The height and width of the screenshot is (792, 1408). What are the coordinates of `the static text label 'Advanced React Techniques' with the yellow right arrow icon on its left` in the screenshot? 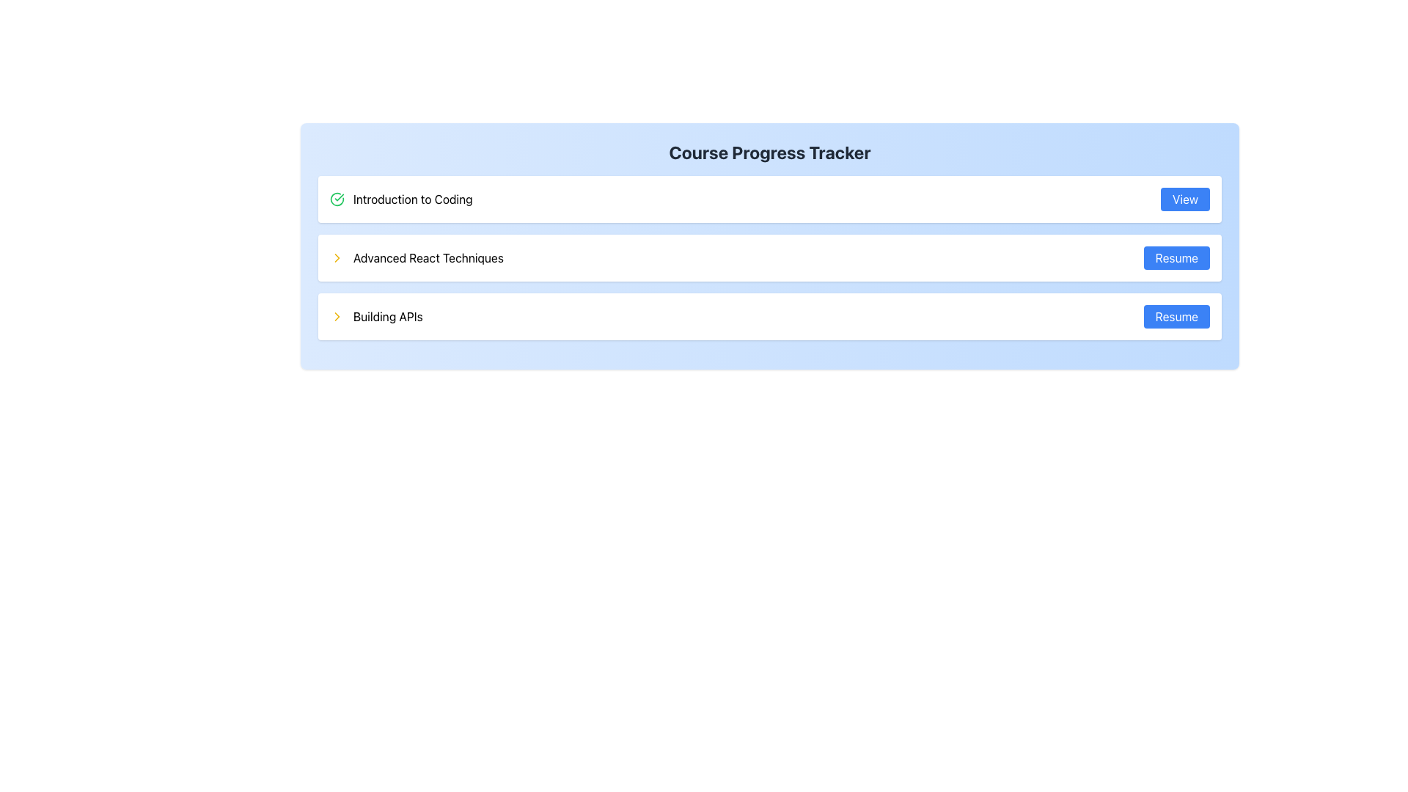 It's located at (416, 257).